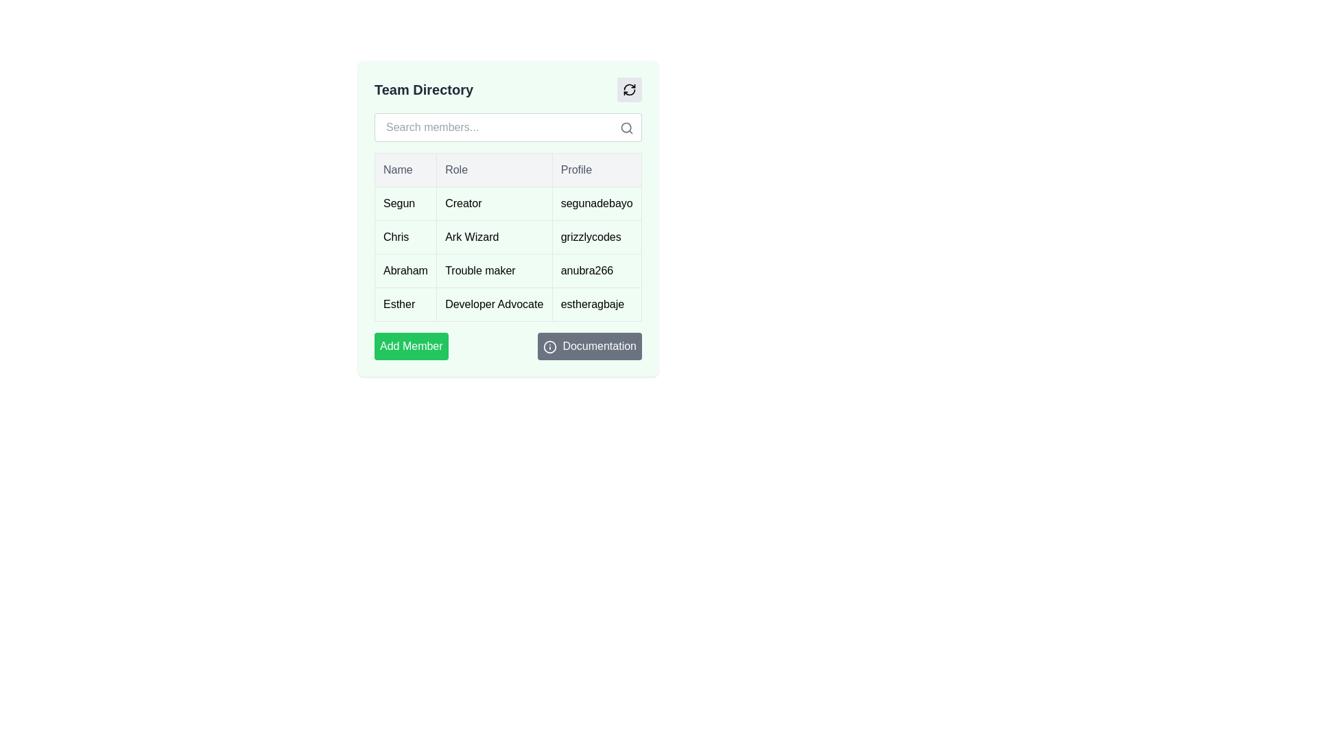 This screenshot has width=1317, height=741. Describe the element at coordinates (405, 303) in the screenshot. I see `the label containing the text 'Esther', which is styled with a simple border and padding, located in the 'Team Directory' panel, specifically in the fourth row of the table under the 'Name' column adjacent to the 'Developer Advocate' cell` at that location.